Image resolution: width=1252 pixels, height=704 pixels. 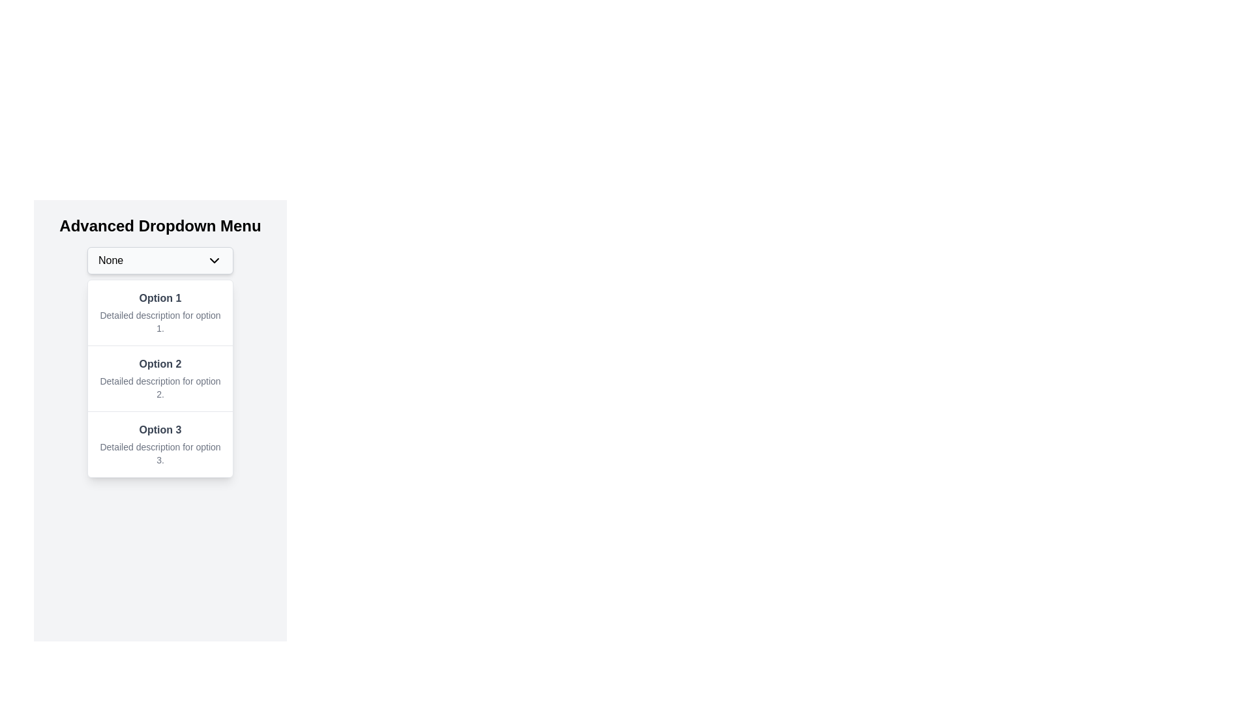 I want to click on the downward arrow icon located to the far right within the dropdown menu header box containing the text 'None', so click(x=215, y=261).